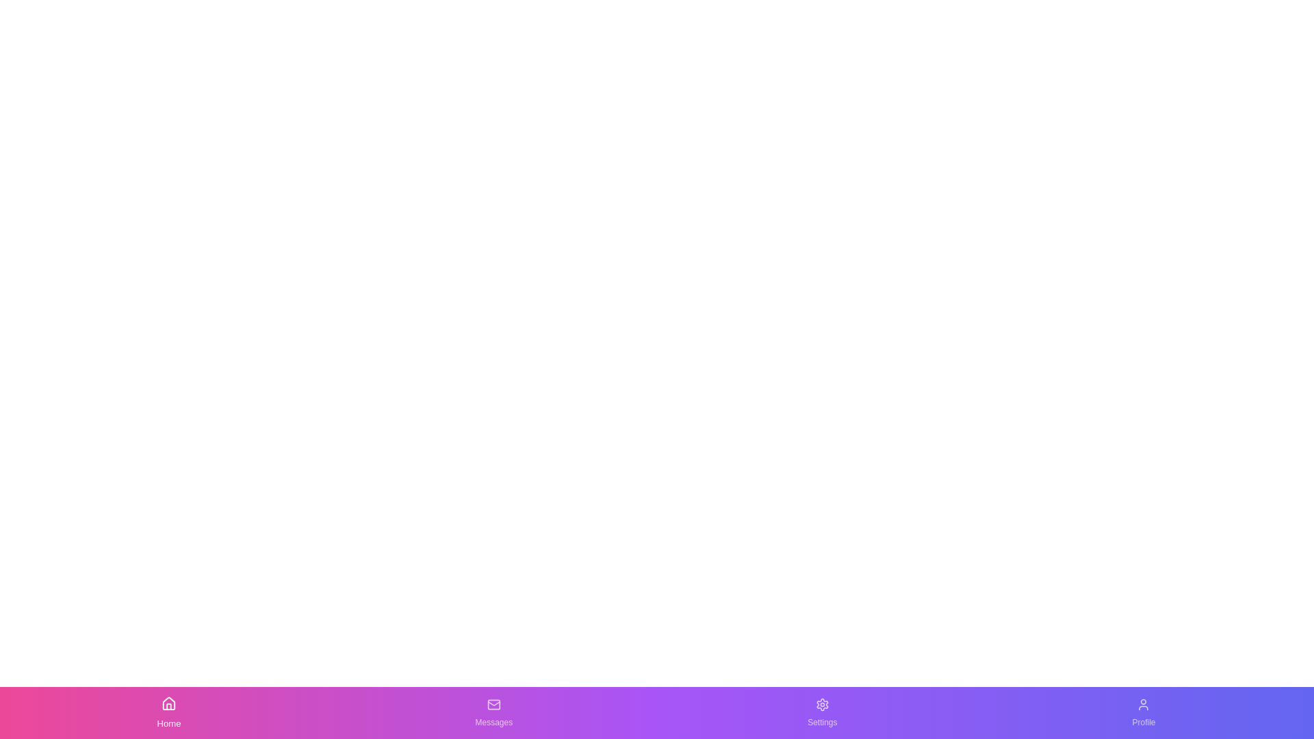 This screenshot has width=1314, height=739. Describe the element at coordinates (168, 712) in the screenshot. I see `the Home button in the bottom navigation bar` at that location.